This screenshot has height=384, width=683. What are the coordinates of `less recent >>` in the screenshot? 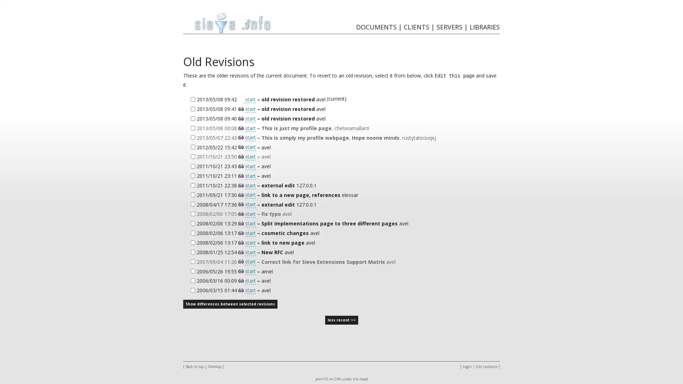 It's located at (341, 320).